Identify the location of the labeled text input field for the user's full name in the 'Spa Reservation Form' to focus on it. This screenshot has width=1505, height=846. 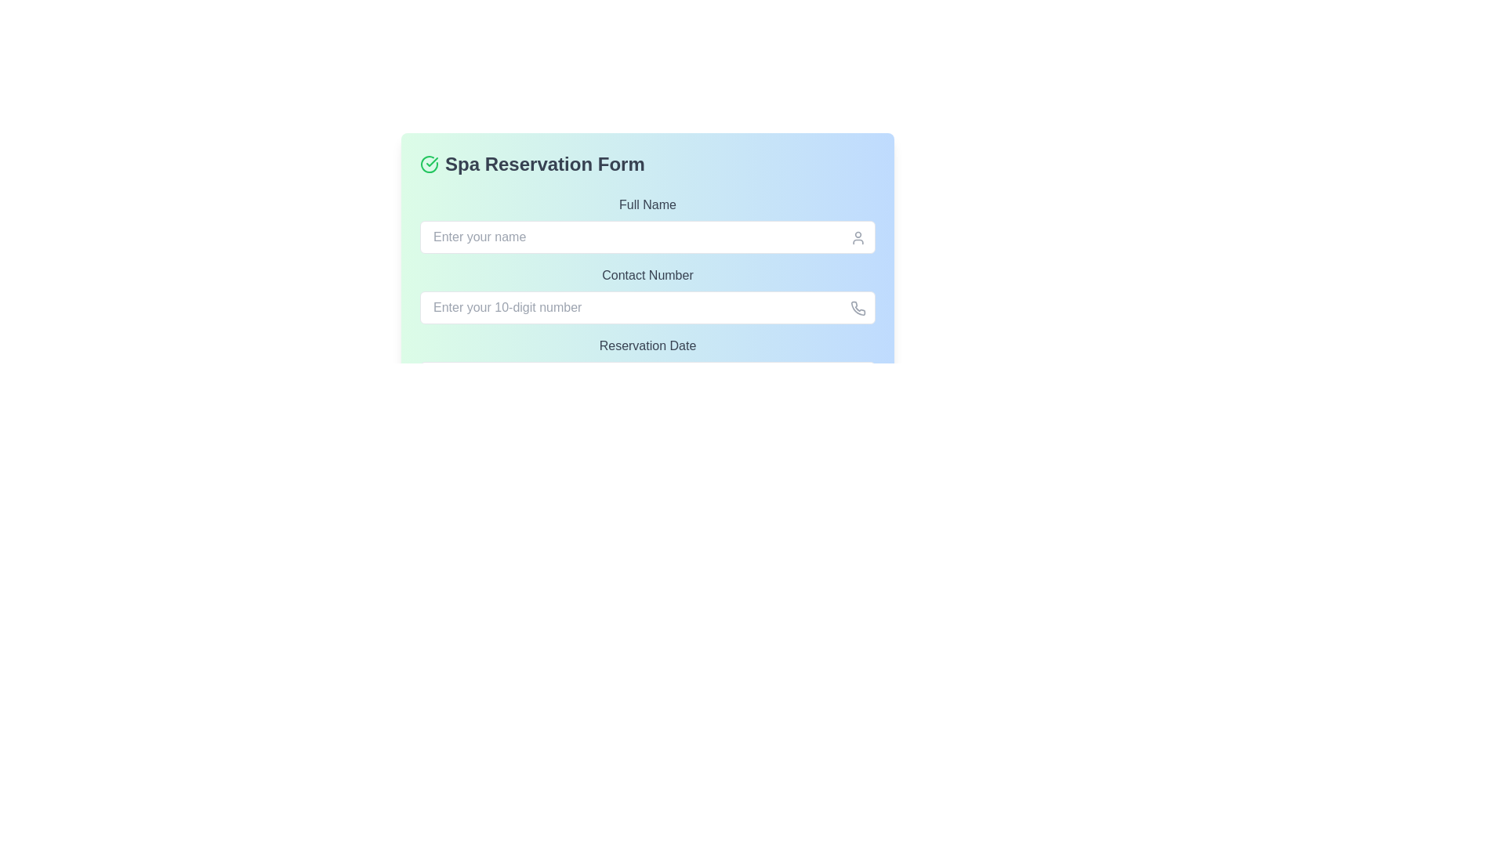
(647, 224).